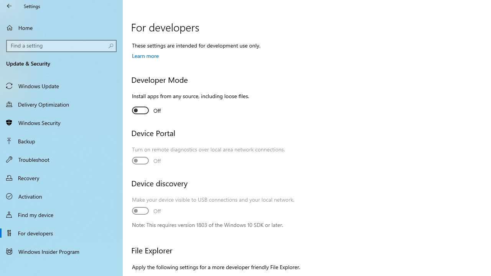 The height and width of the screenshot is (276, 491). I want to click on 'Find my device', so click(61, 214).